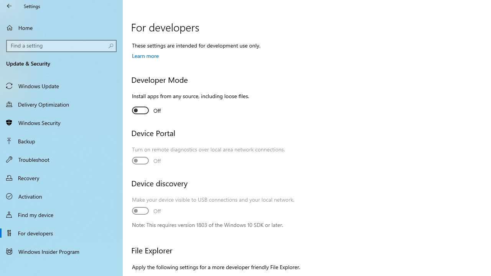 The height and width of the screenshot is (276, 491). I want to click on 'Find my device', so click(61, 214).